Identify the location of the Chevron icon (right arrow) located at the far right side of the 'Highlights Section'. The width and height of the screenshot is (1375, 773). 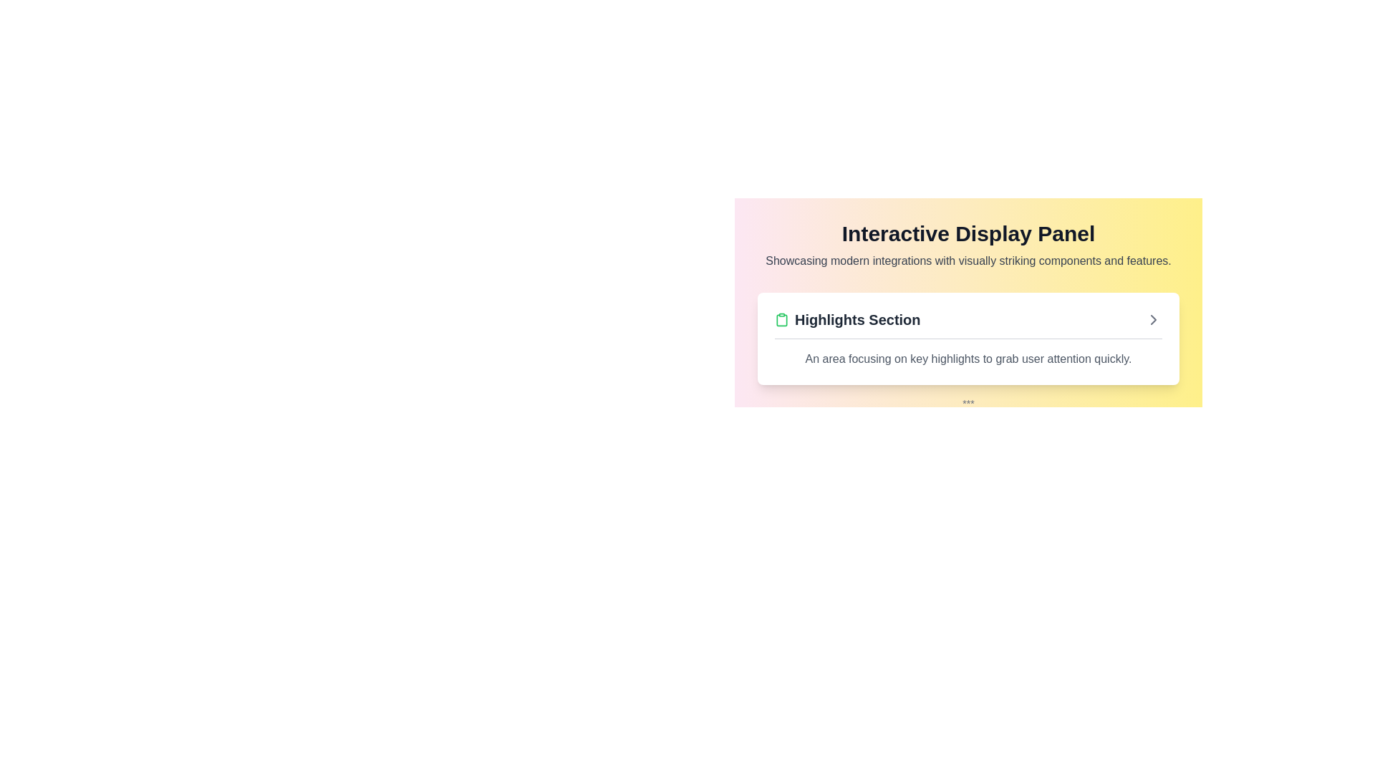
(1154, 319).